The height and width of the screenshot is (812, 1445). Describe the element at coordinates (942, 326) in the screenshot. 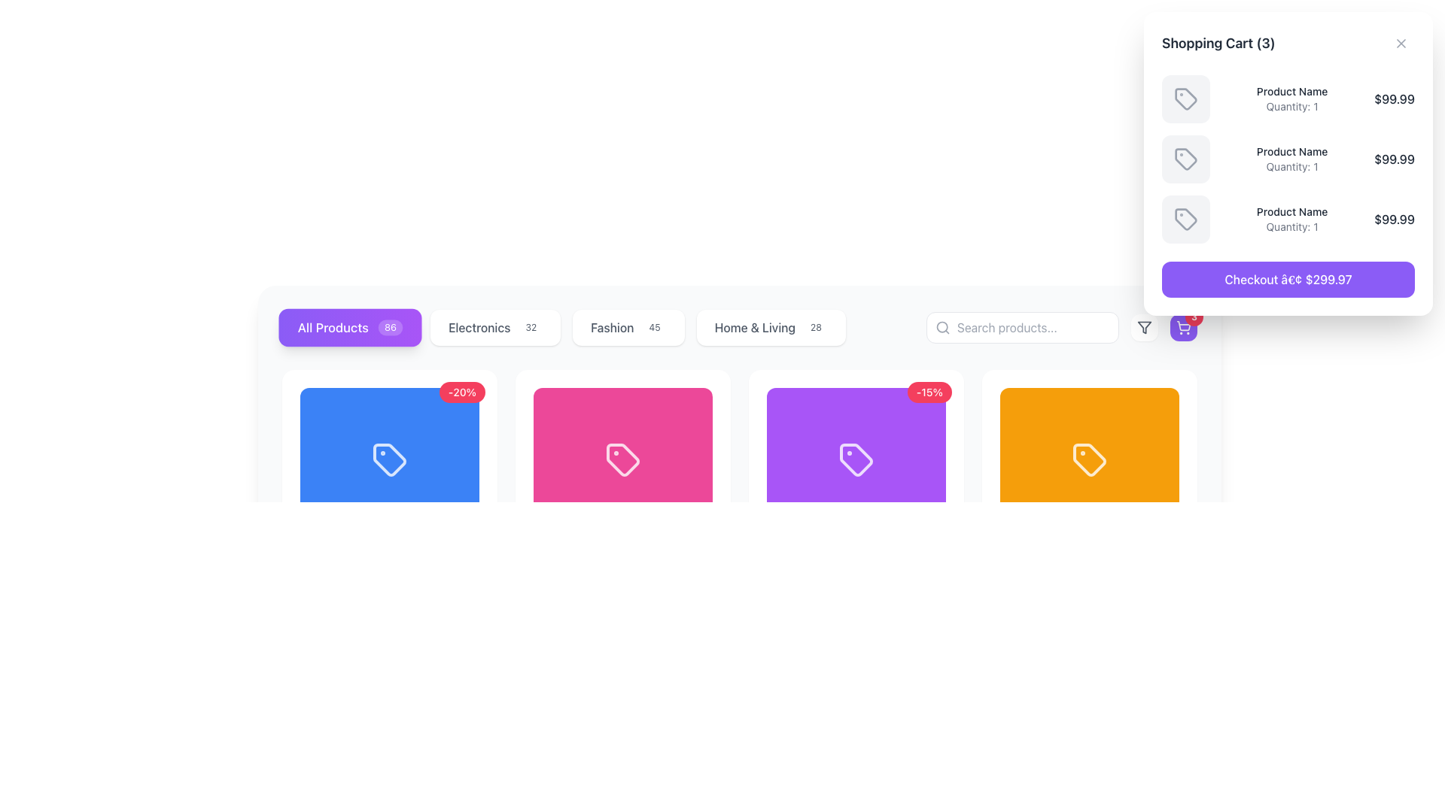

I see `the decorative circular element of the magnifying glass search icon located inside the SVG graphic, positioned towards the left-hand side above the product grid` at that location.